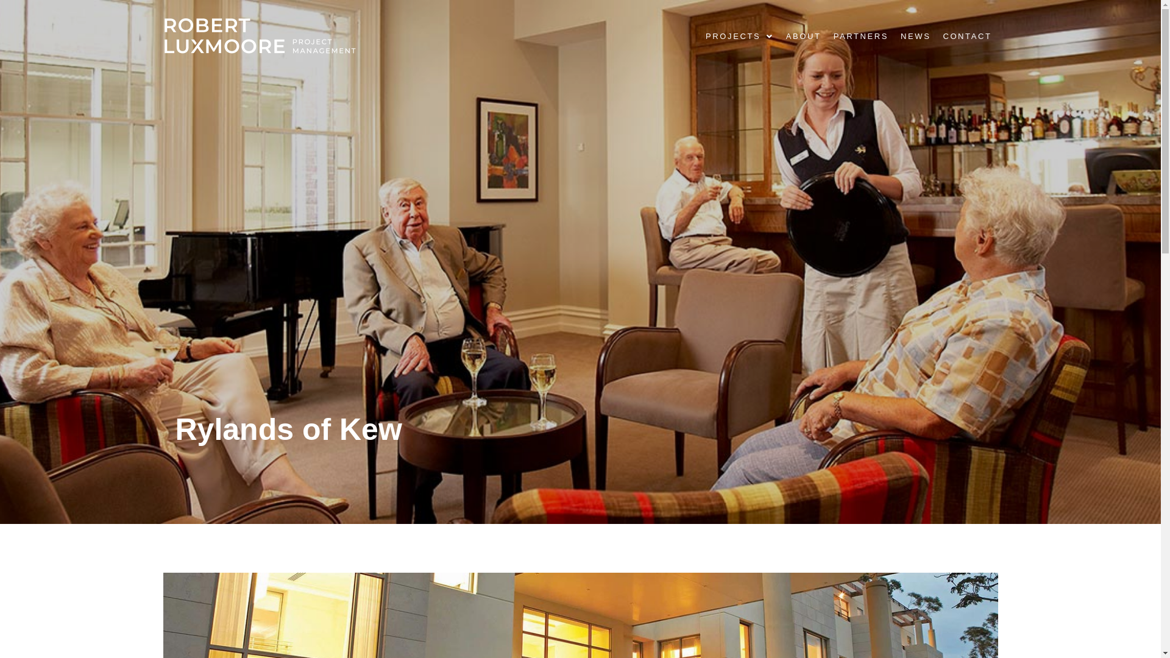 The width and height of the screenshot is (1170, 658). What do you see at coordinates (739, 35) in the screenshot?
I see `'PROJECTS'` at bounding box center [739, 35].